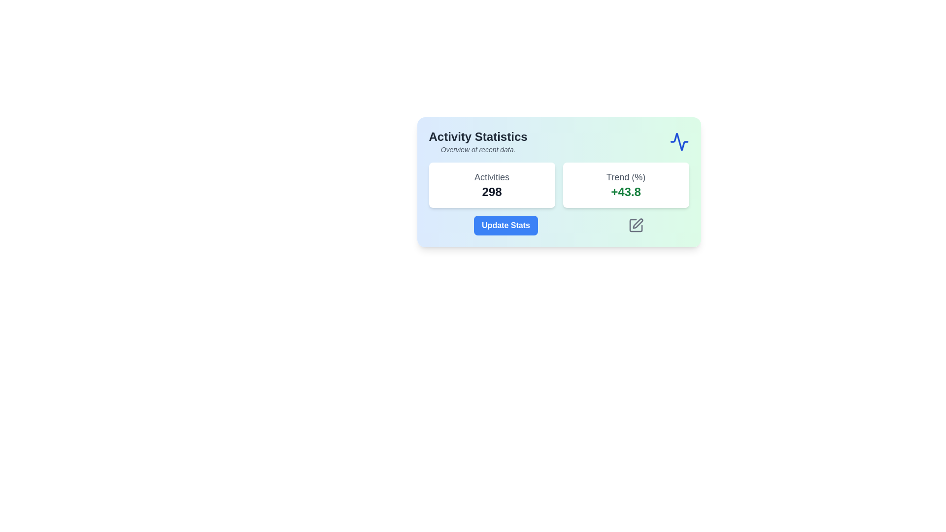 This screenshot has width=946, height=532. I want to click on the update button located centrally below the 'Activities' and 'Trend (%)' sections in the primary card layout, so click(506, 226).